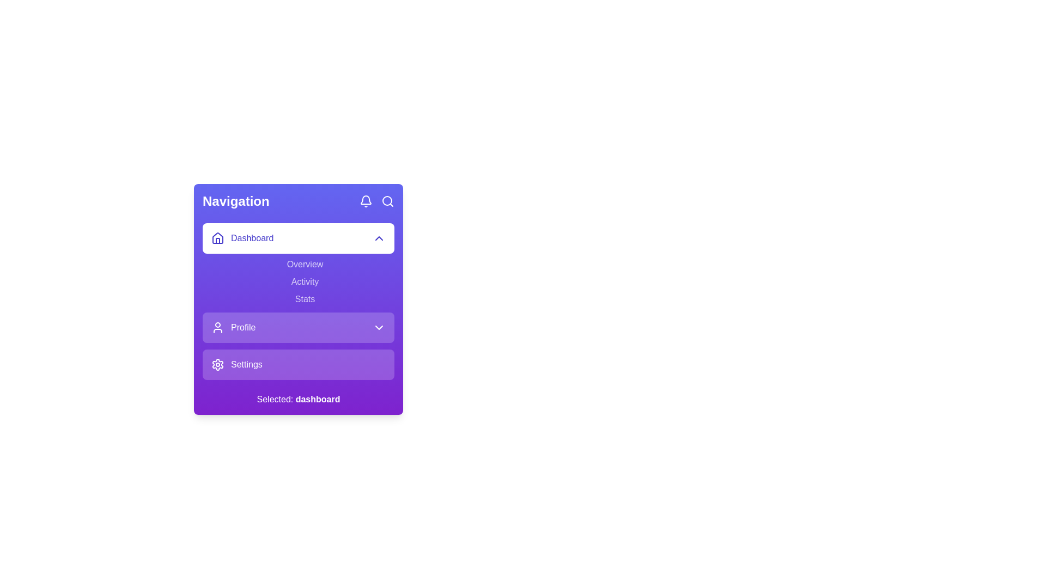  What do you see at coordinates (232, 327) in the screenshot?
I see `the first navigational menu item with text and icon` at bounding box center [232, 327].